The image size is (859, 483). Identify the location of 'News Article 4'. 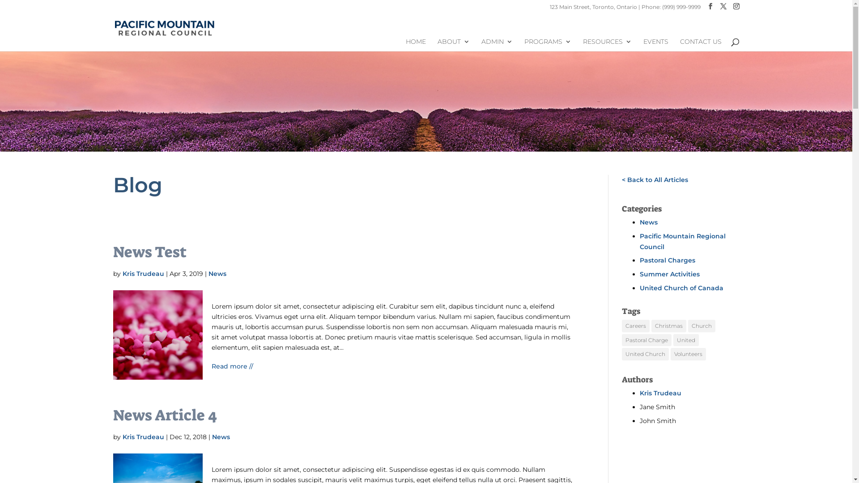
(165, 415).